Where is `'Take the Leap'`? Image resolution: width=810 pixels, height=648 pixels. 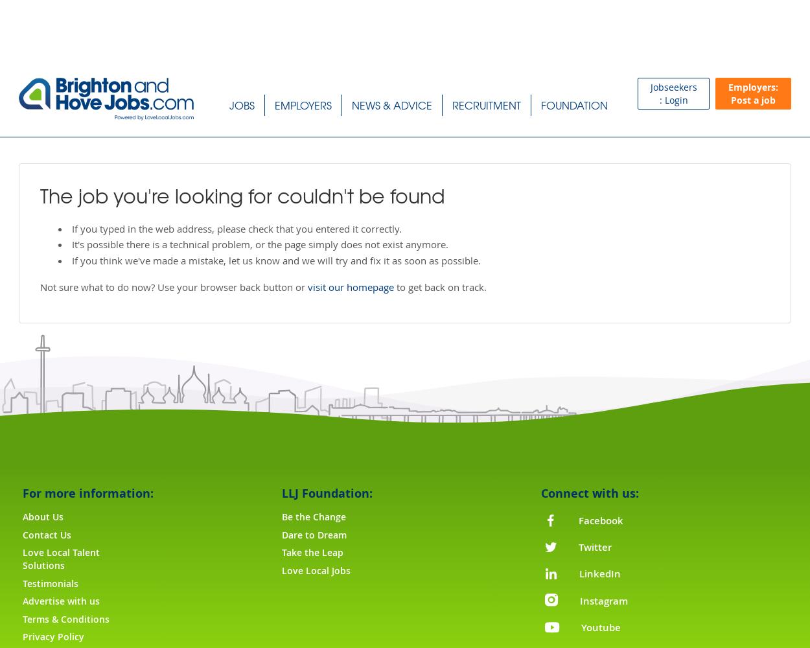
'Take the Leap' is located at coordinates (311, 551).